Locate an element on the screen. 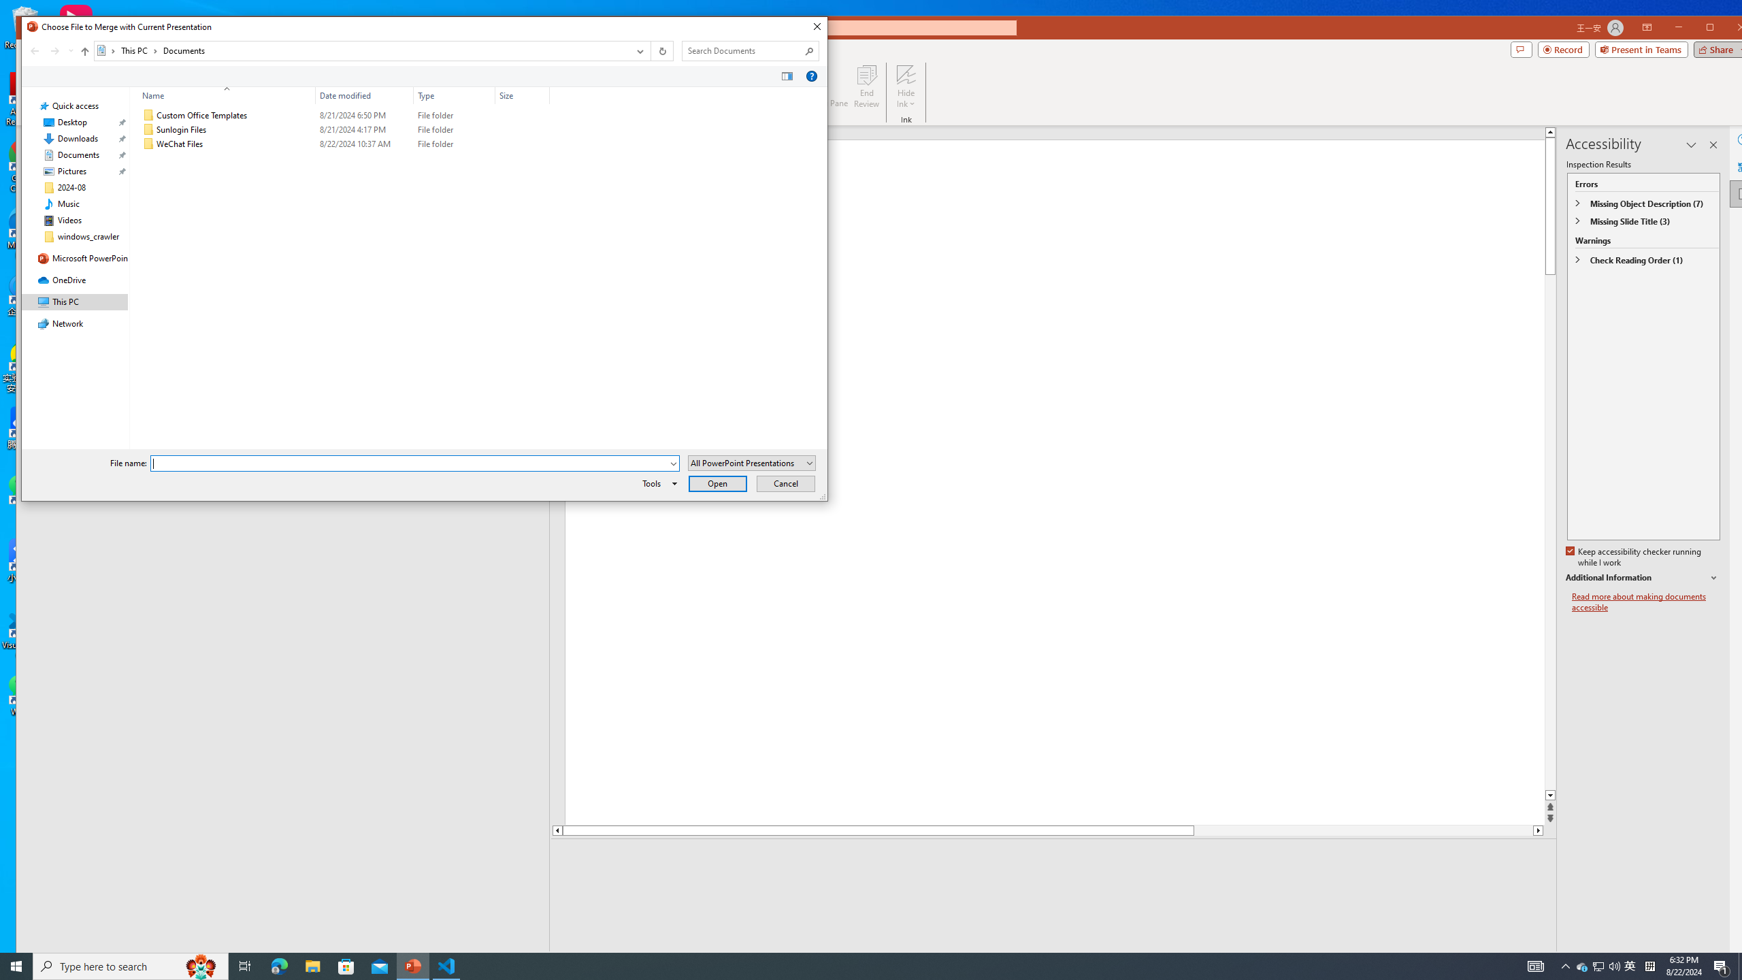 The image size is (1742, 980). 'Visual Studio Code - 1 running window' is located at coordinates (446, 965).